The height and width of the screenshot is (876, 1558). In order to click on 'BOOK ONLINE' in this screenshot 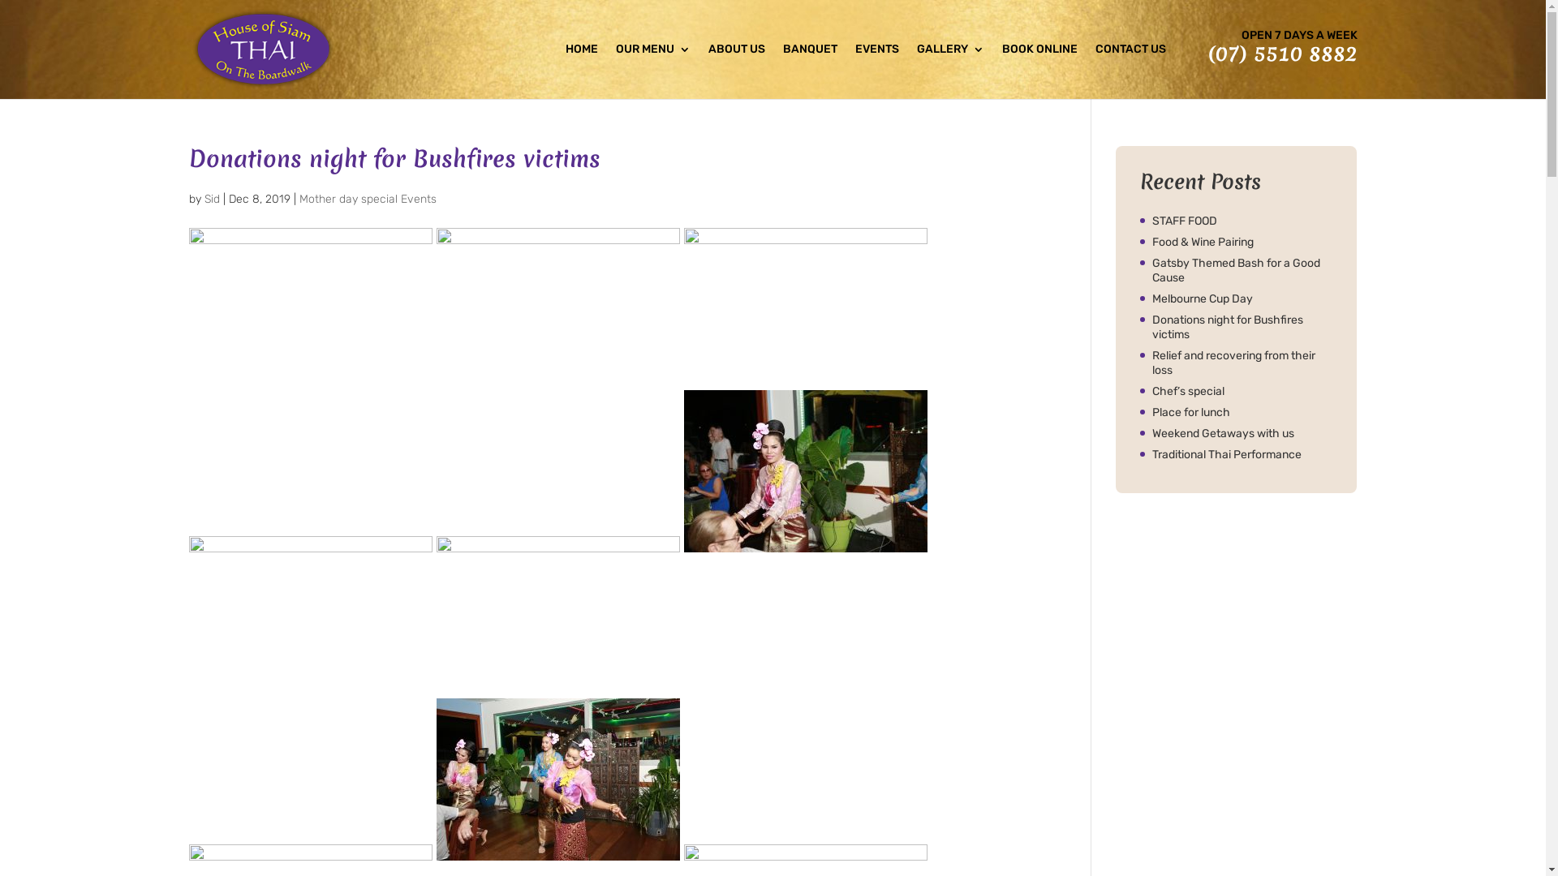, I will do `click(1039, 71)`.